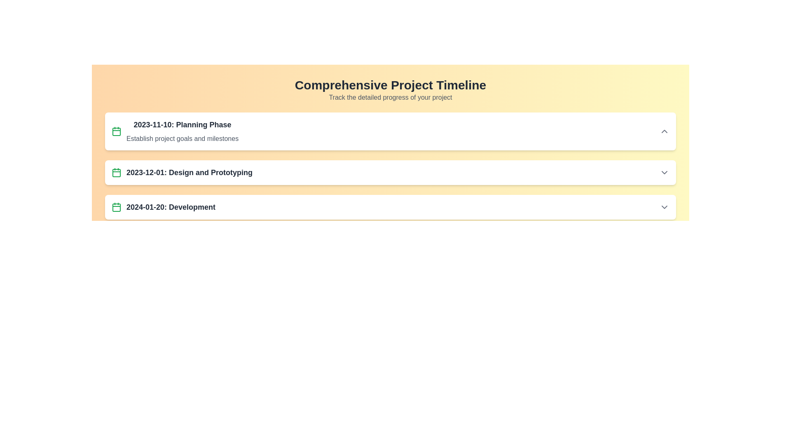 This screenshot has height=445, width=791. What do you see at coordinates (171, 206) in the screenshot?
I see `text label displaying the date '2024-01-20' and the phase label 'Development' located in the third card of the vertically stacked list under 'Comprehensive Project Timeline'` at bounding box center [171, 206].